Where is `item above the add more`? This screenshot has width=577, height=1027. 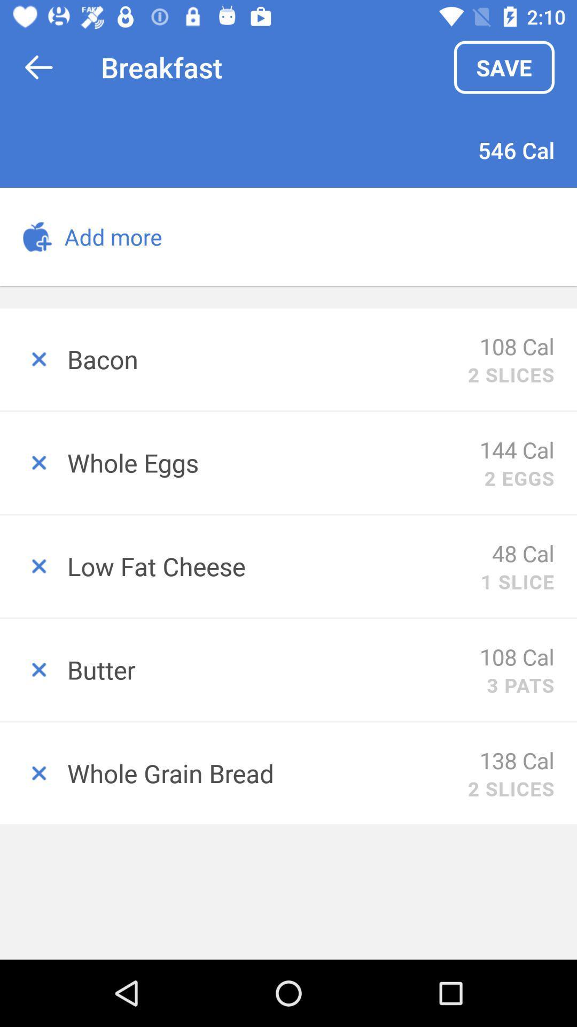 item above the add more is located at coordinates (38, 66).